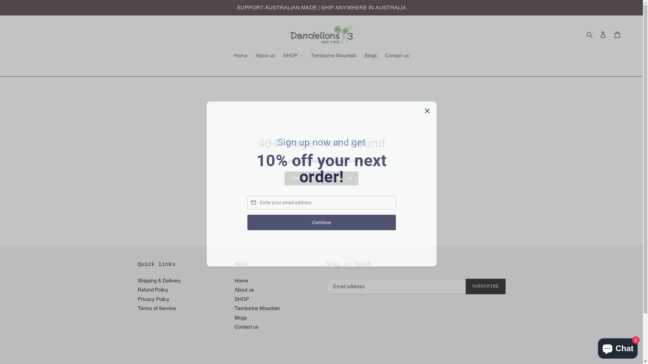  I want to click on 'Log in', so click(603, 34).